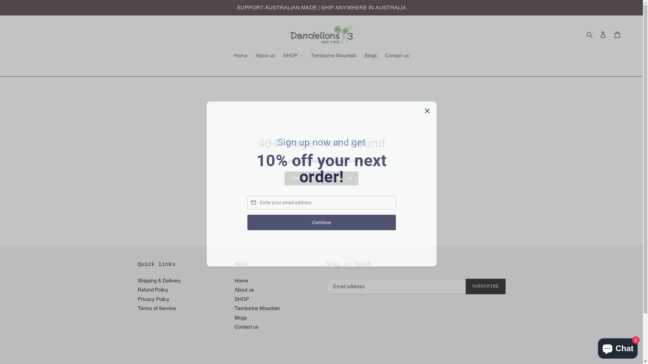  I want to click on 'Log in', so click(603, 34).